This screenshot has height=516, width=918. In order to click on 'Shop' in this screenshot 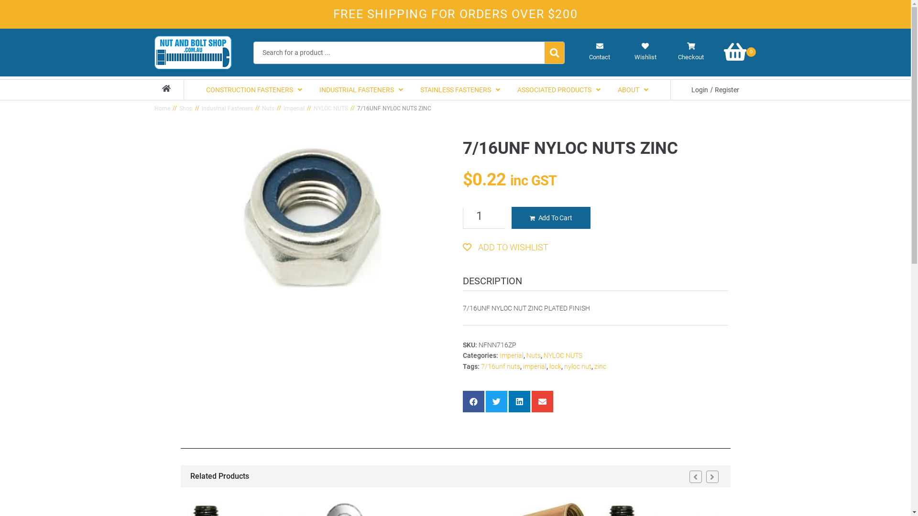, I will do `click(186, 108)`.